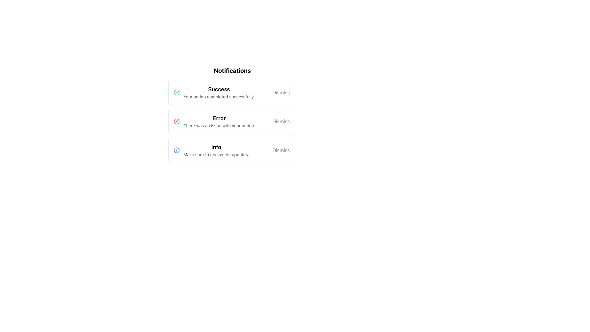  What do you see at coordinates (219, 125) in the screenshot?
I see `text element displaying 'There was an issue with your action.' located below the 'Error' header in the notification card` at bounding box center [219, 125].